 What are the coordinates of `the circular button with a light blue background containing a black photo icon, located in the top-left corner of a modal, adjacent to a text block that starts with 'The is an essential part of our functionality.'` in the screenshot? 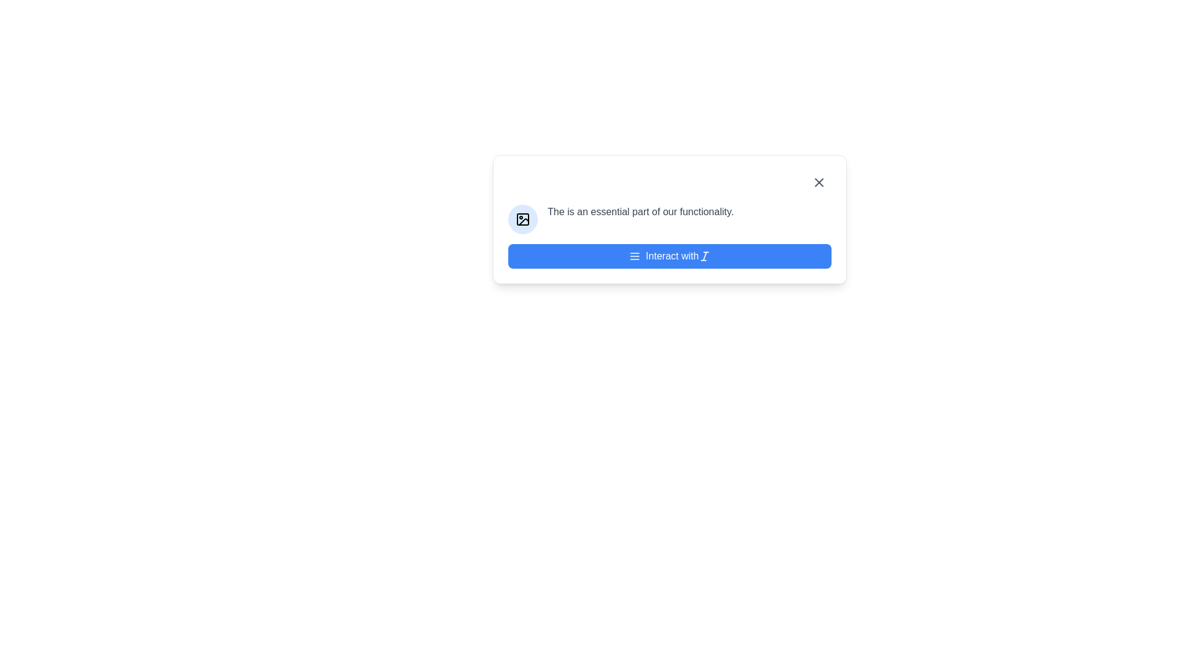 It's located at (522, 219).